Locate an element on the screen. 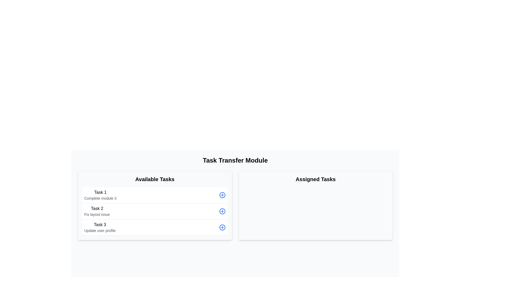  the blue circular button with a plus symbol located in the 'Available Tasks' section next to 'Task 1: Complete module 3' is located at coordinates (222, 195).